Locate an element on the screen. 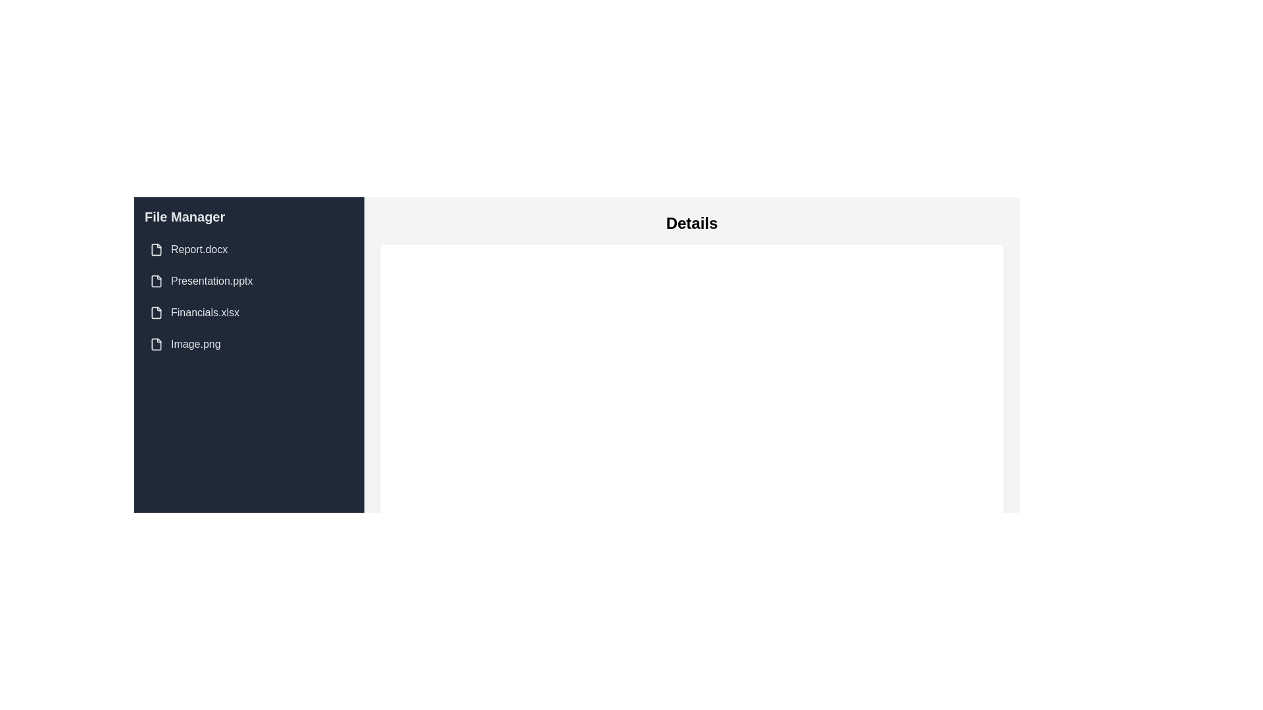 The image size is (1263, 710). the file icon representing 'Presentation.pptx', which is the second item is located at coordinates (157, 281).